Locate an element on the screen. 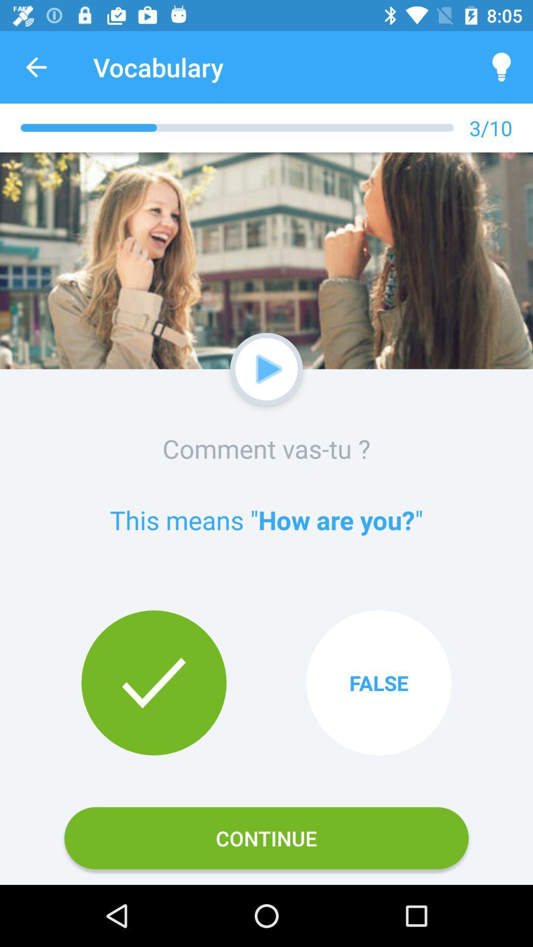  item next to vocabulary app is located at coordinates (502, 67).